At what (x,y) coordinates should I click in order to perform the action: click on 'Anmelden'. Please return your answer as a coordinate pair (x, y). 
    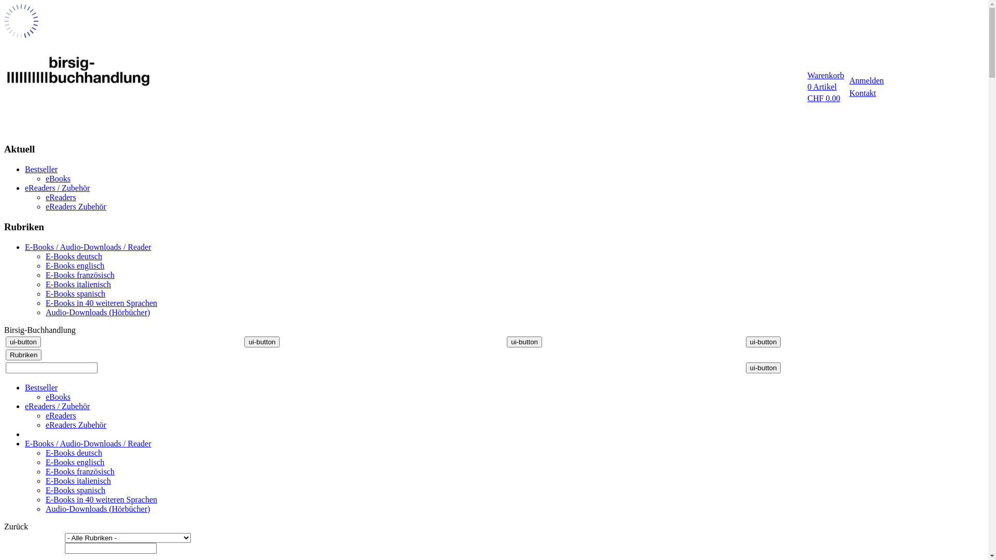
    Looking at the image, I should click on (866, 80).